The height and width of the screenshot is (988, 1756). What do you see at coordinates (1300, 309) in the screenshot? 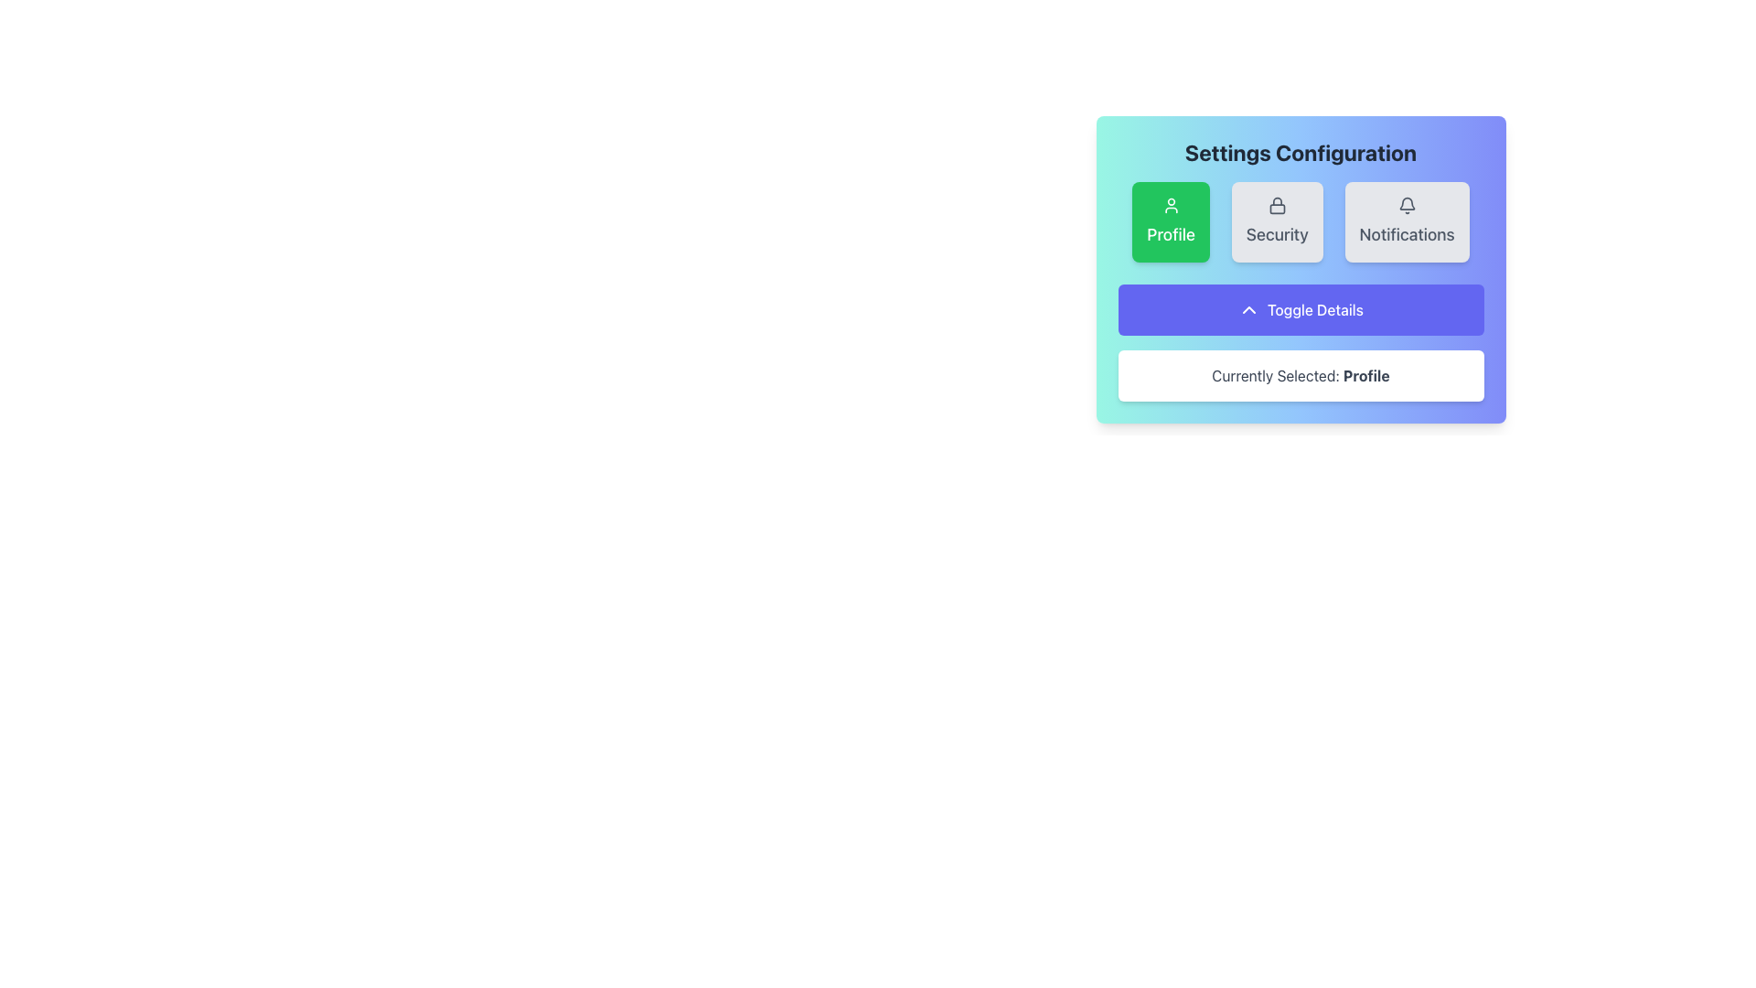
I see `the 'Toggle Details' button` at bounding box center [1300, 309].